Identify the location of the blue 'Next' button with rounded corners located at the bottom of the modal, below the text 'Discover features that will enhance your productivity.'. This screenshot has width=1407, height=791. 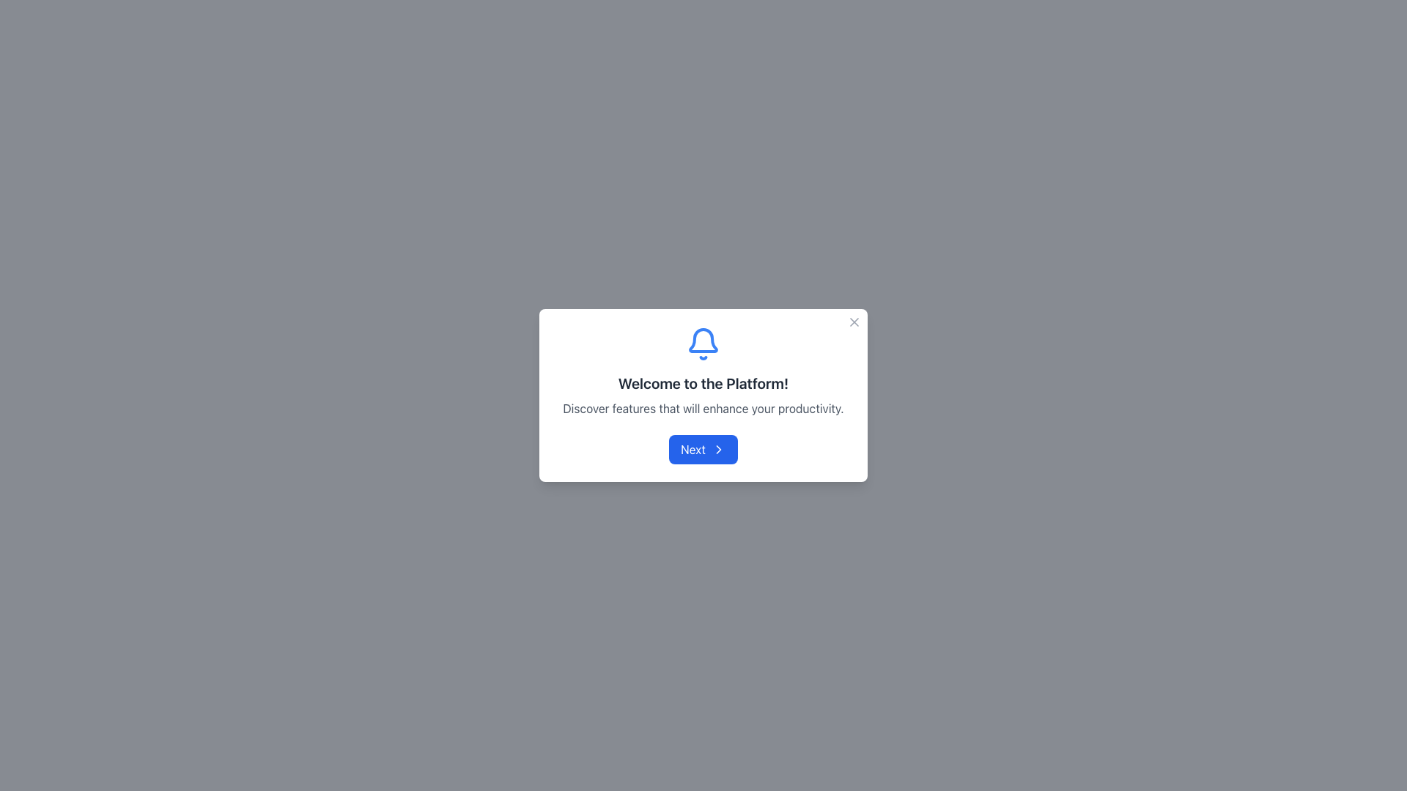
(703, 448).